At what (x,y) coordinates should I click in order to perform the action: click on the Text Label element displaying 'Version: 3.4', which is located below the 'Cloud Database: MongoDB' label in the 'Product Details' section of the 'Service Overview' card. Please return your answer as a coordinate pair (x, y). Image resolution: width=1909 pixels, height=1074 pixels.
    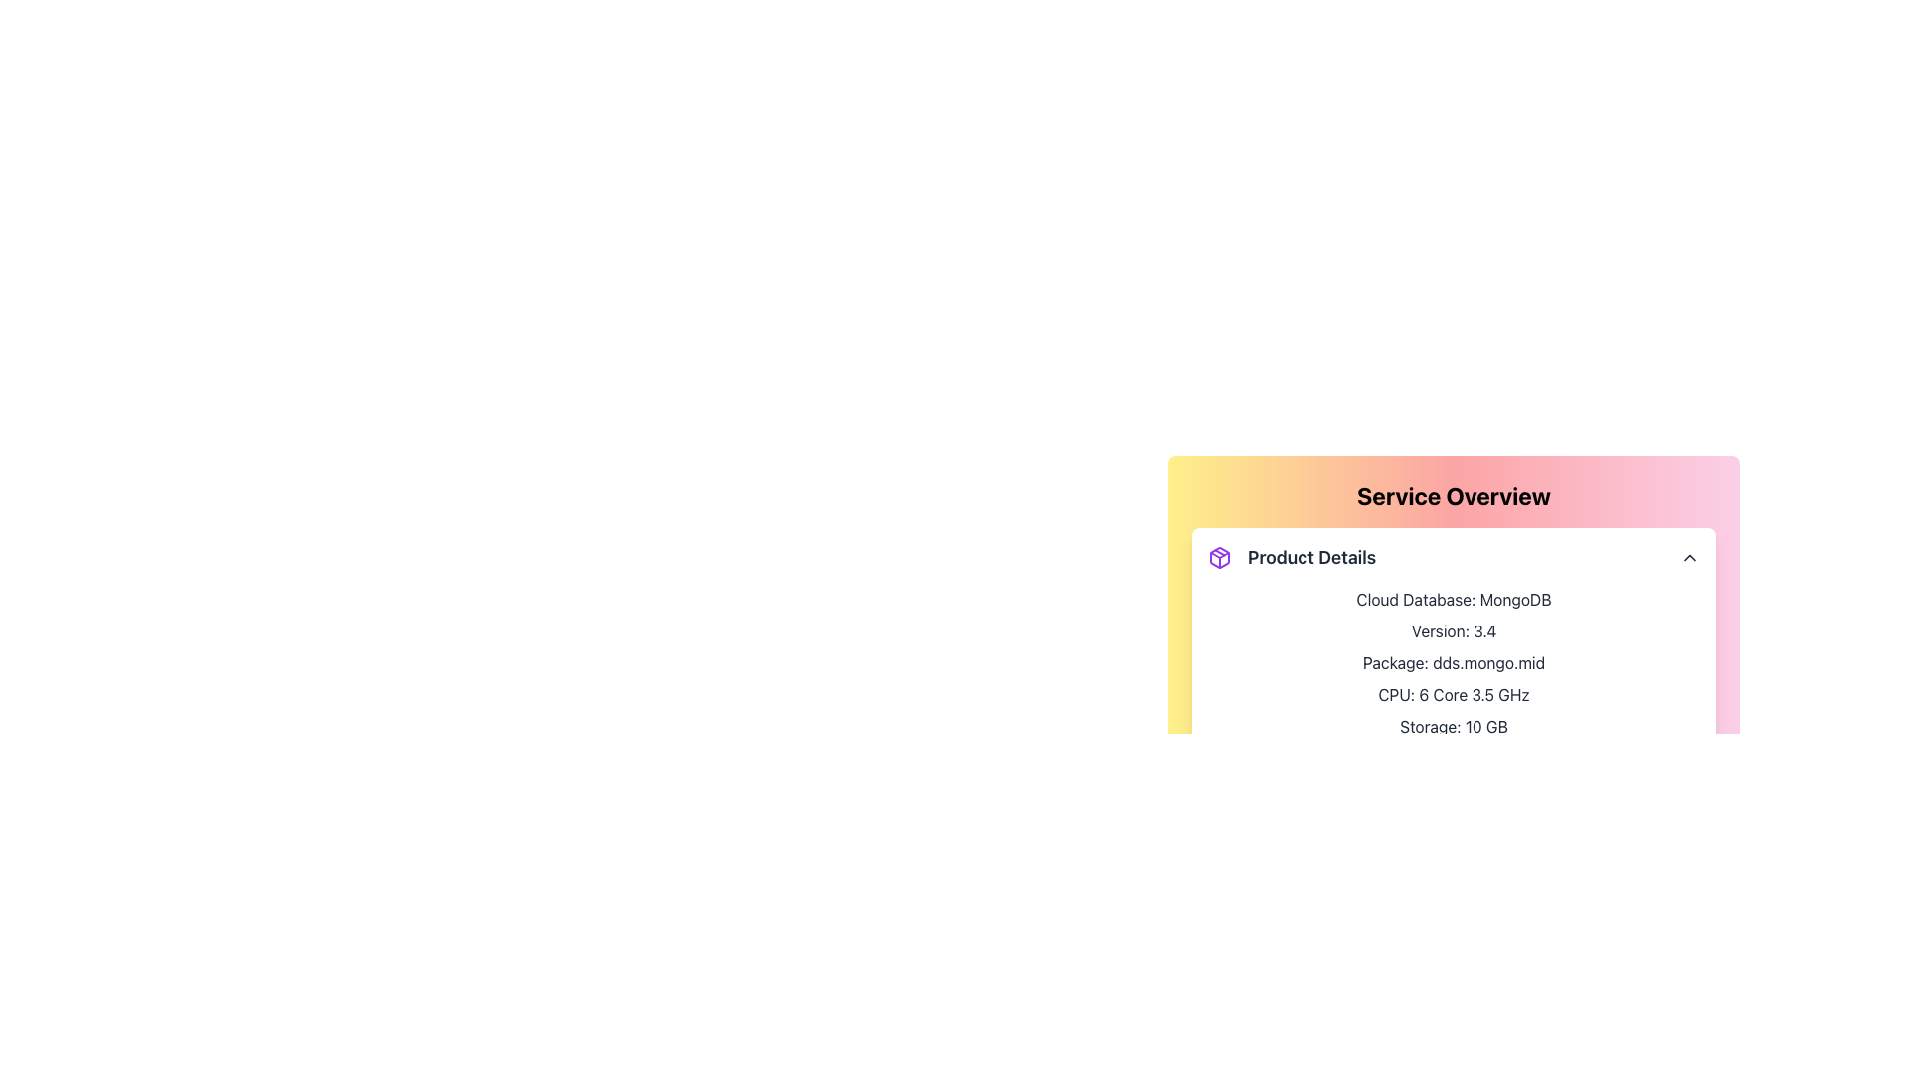
    Looking at the image, I should click on (1454, 631).